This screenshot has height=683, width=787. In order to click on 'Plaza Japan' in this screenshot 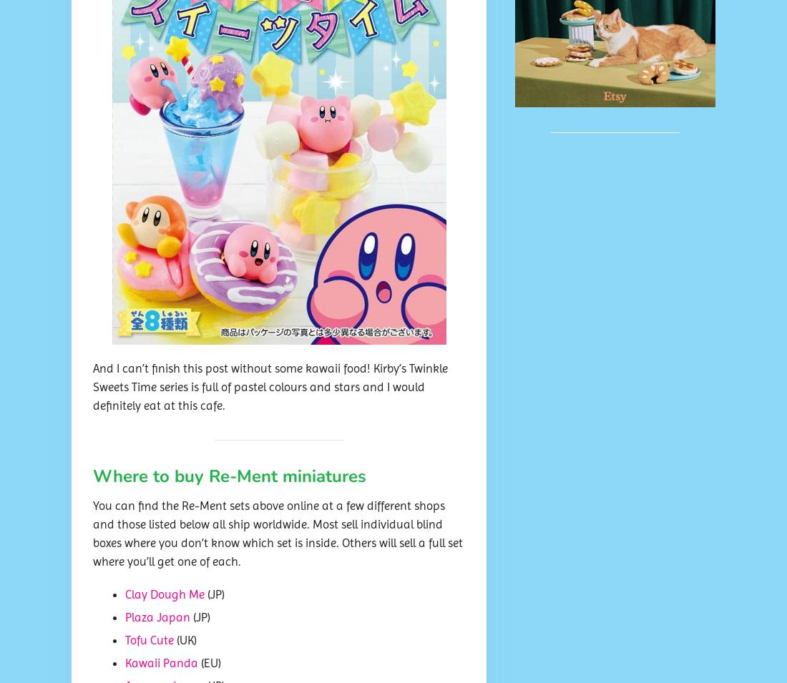, I will do `click(124, 617)`.